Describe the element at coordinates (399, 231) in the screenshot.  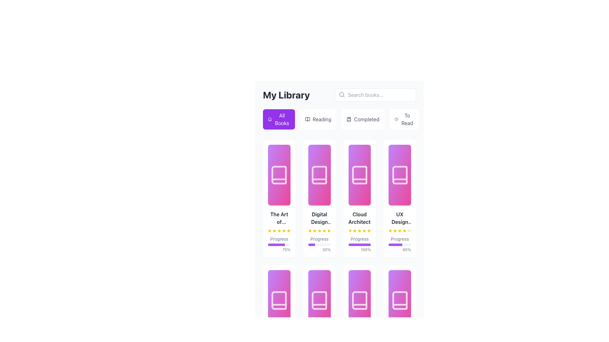
I see `the fourth rating star in the rating system of the UX Design card, which is the fourth item in the first row of the book list in the My Library interface` at that location.